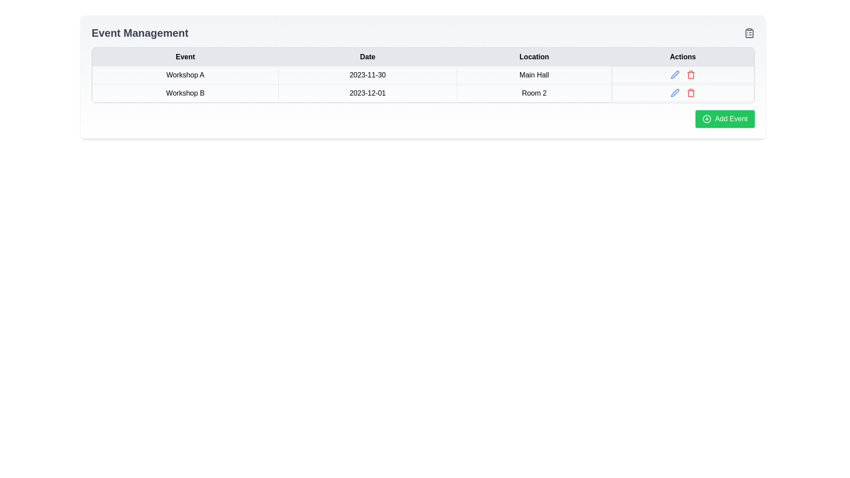 The image size is (850, 478). I want to click on the table header cell labeled 'Event', which is the first header in a row of a table with a light gray background, so click(185, 57).